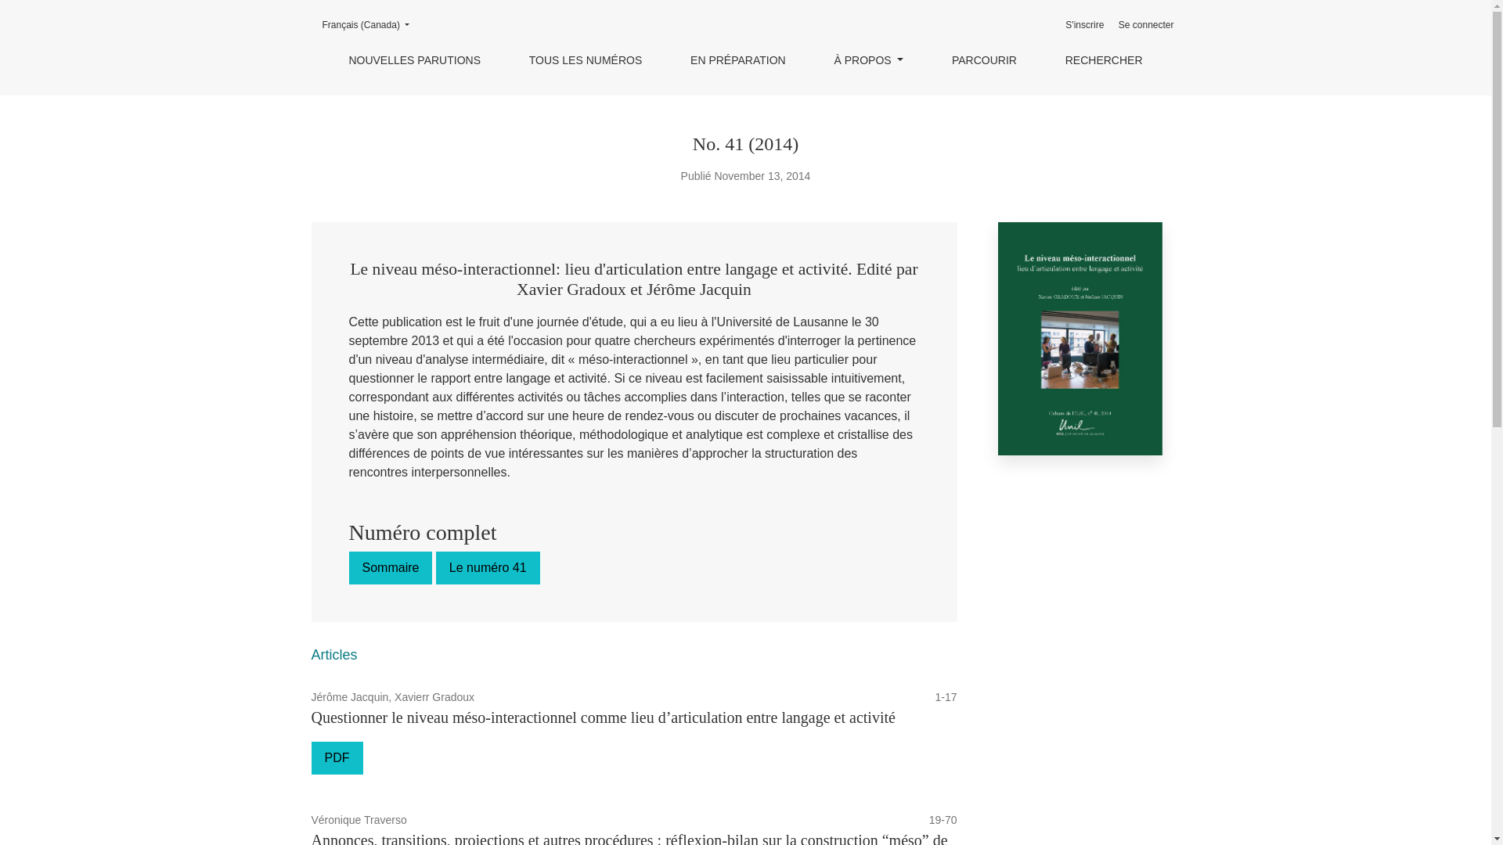 This screenshot has height=845, width=1503. I want to click on 'Se connecter', so click(1146, 24).